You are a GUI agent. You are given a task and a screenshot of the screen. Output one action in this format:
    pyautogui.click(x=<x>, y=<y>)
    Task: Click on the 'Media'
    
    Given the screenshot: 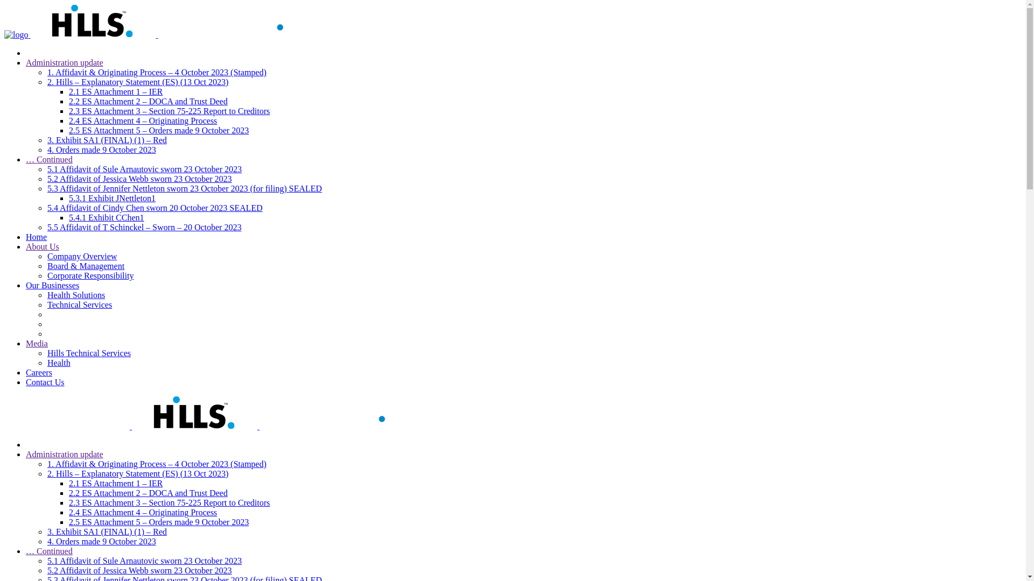 What is the action you would take?
    pyautogui.click(x=37, y=343)
    